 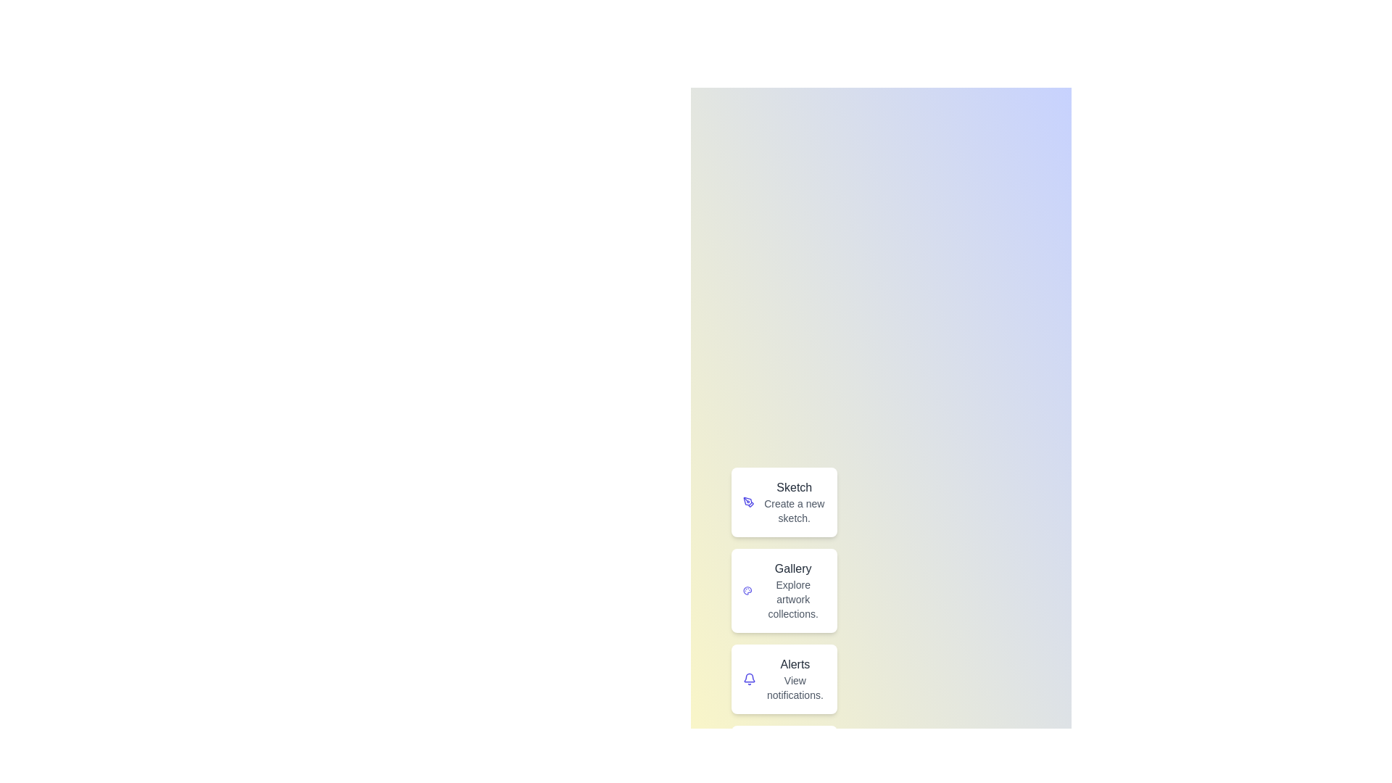 I want to click on the Sketch button to perform its action, so click(x=783, y=502).